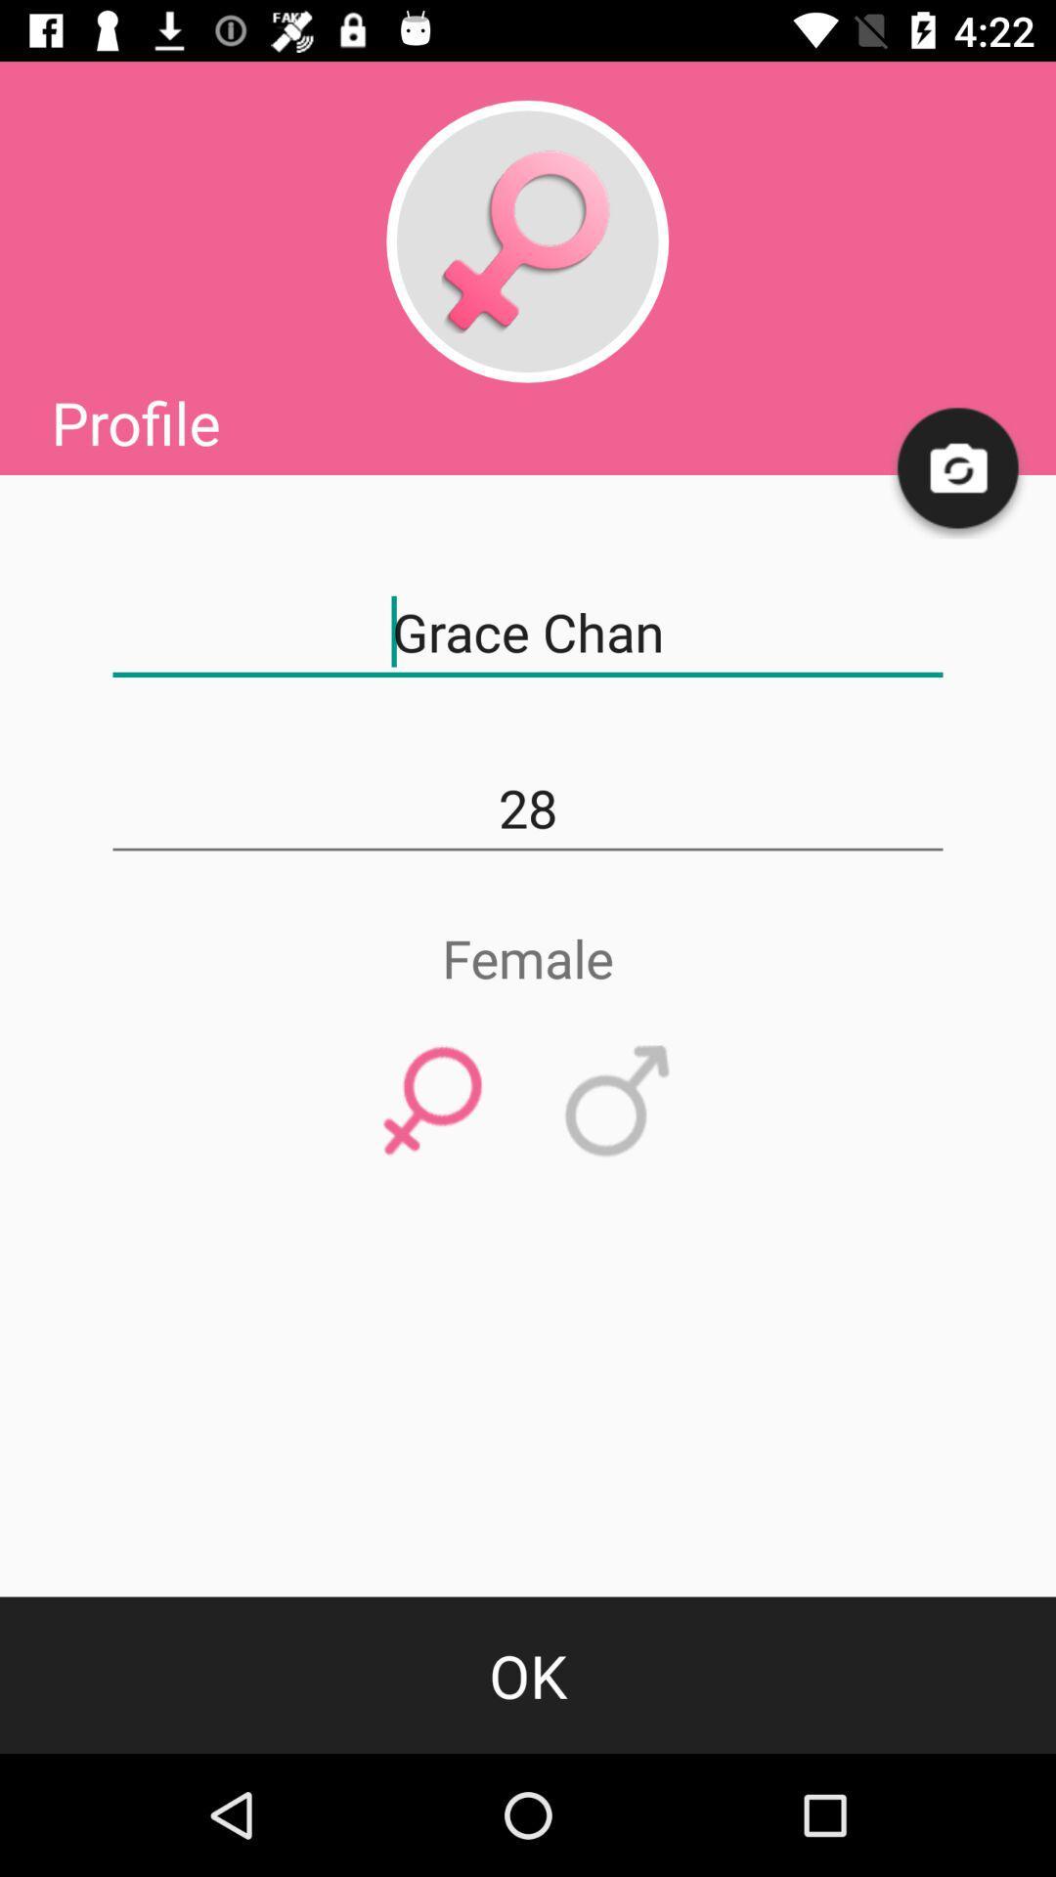 This screenshot has width=1056, height=1877. Describe the element at coordinates (526, 240) in the screenshot. I see `item above profile` at that location.